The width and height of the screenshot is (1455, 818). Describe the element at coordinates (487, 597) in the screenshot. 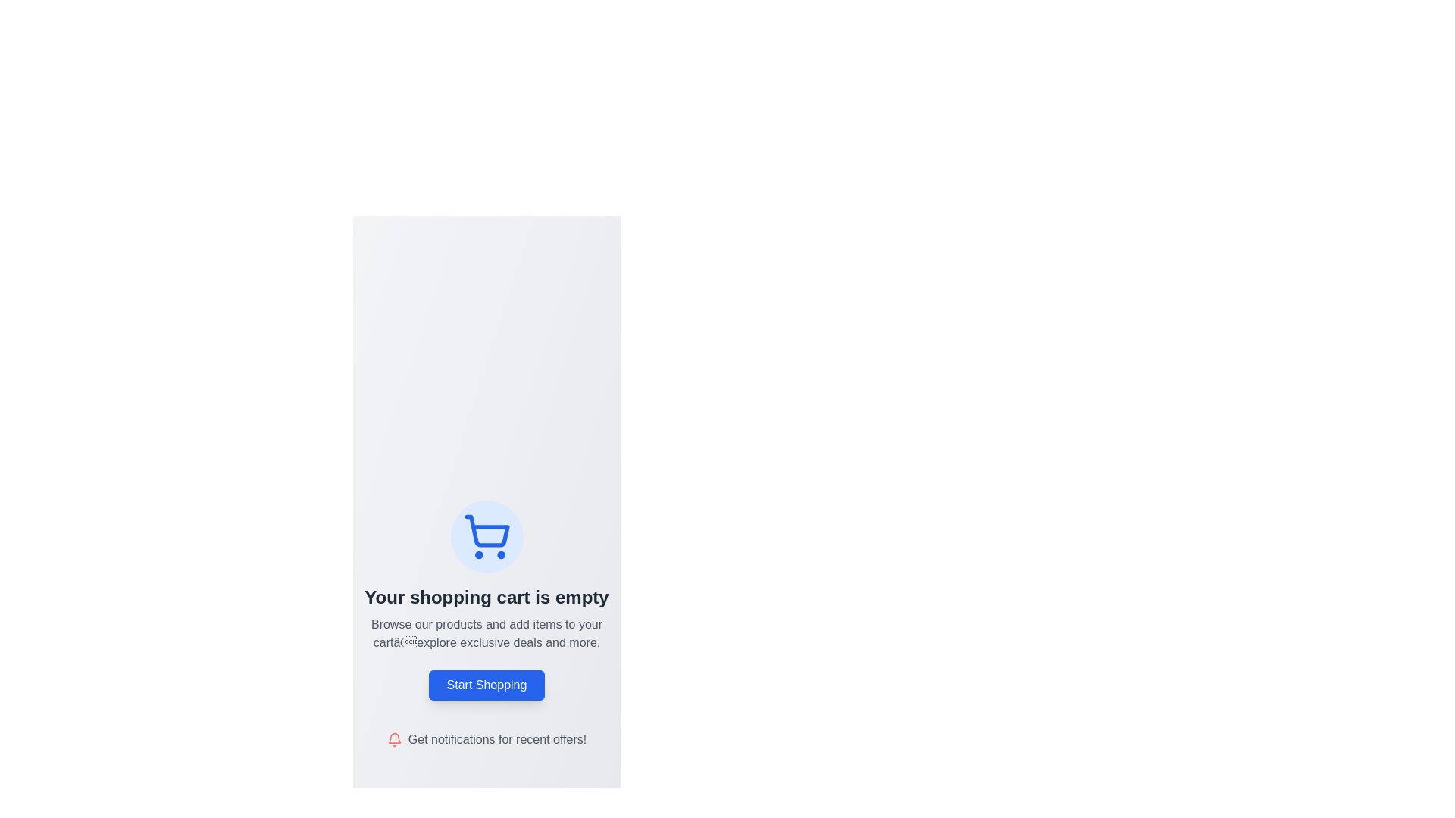

I see `text label that displays 'Your shopping cart is empty', which is styled in bold dark gray and centrally aligned below a shopping cart icon` at that location.